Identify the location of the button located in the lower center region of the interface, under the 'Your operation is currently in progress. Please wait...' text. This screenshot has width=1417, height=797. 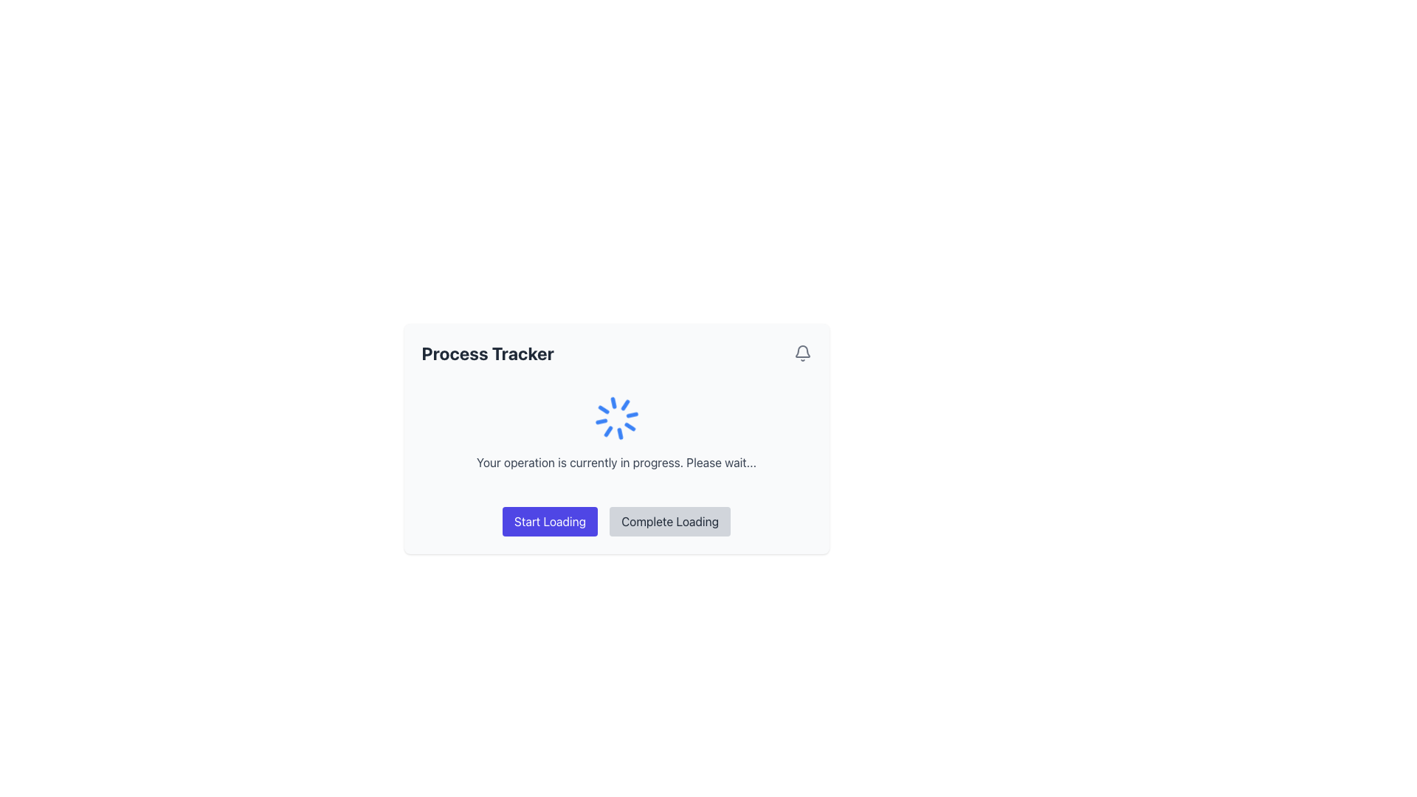
(549, 520).